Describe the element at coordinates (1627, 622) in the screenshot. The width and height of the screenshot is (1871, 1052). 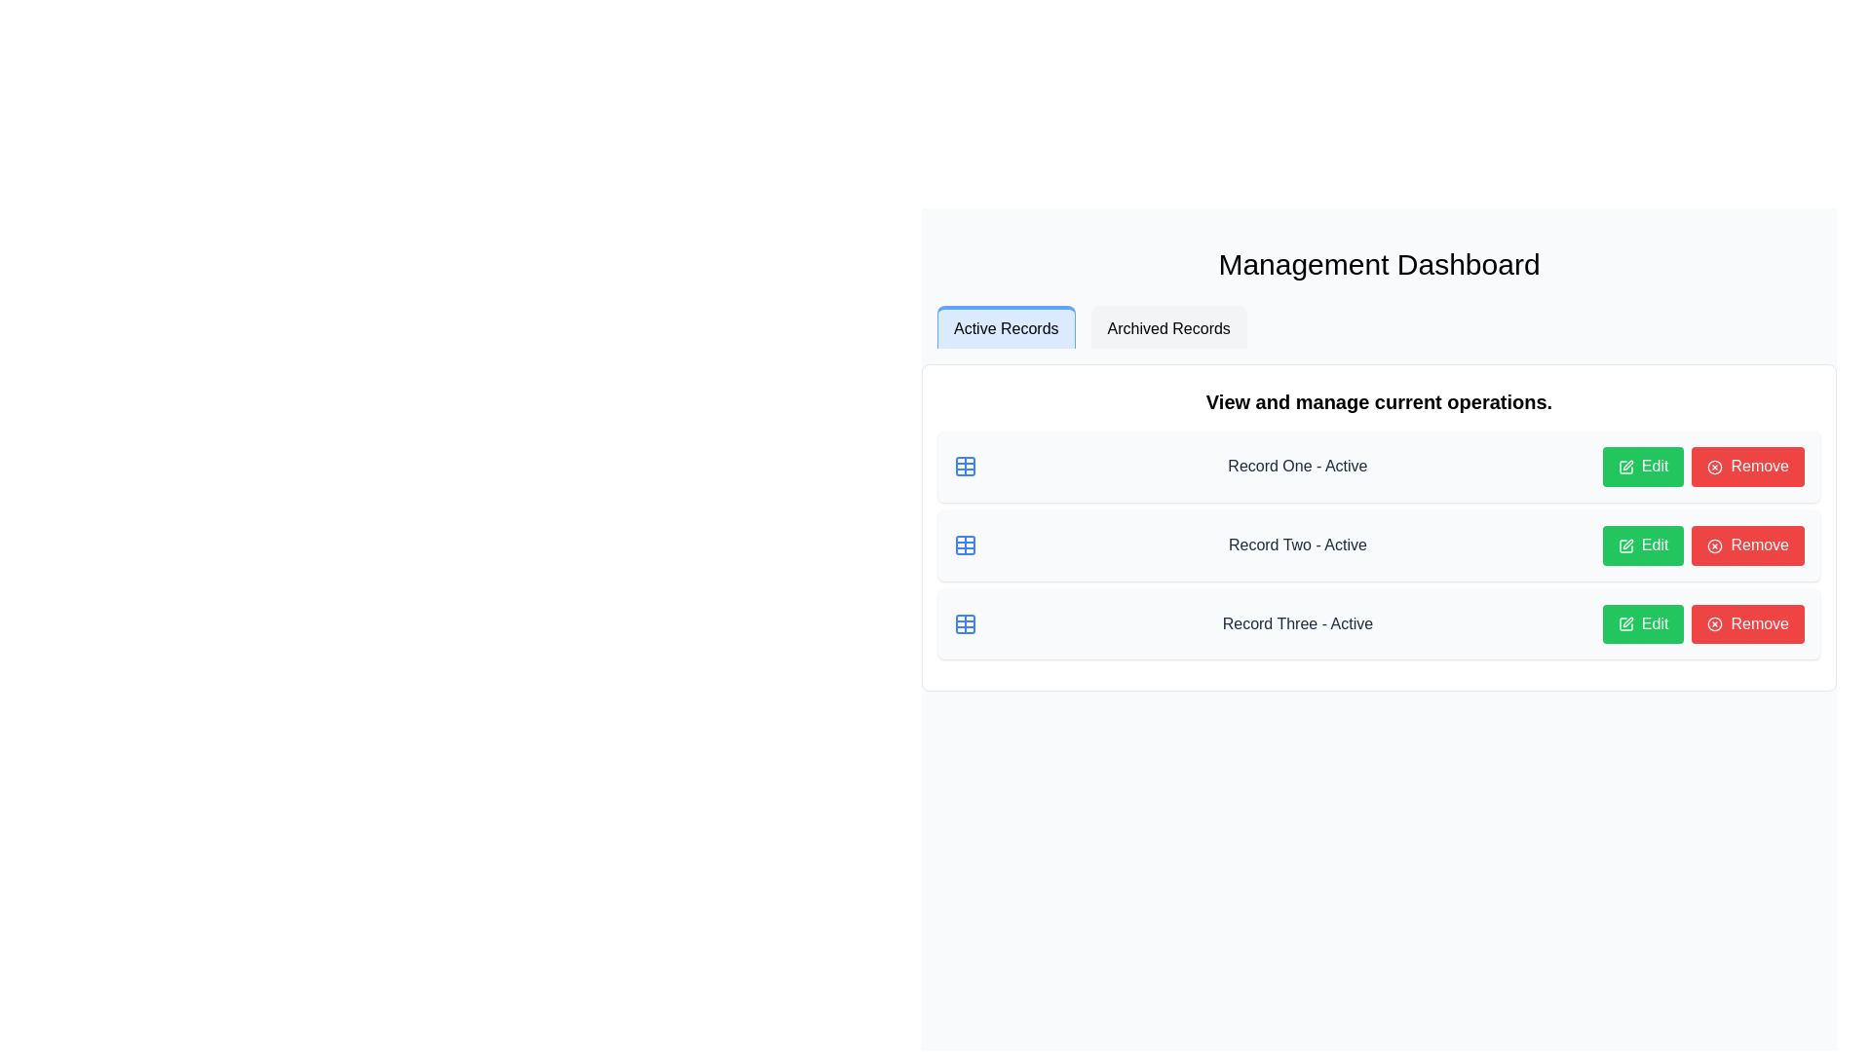
I see `the pen-shaped graphical icon in the third row of the list for 'Record Three - Active', which represents an editing action` at that location.